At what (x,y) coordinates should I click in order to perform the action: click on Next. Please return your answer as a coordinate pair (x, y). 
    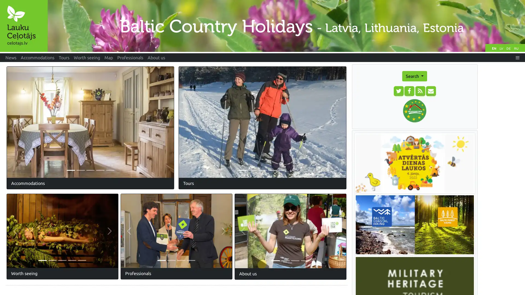
    Looking at the image, I should click on (223, 231).